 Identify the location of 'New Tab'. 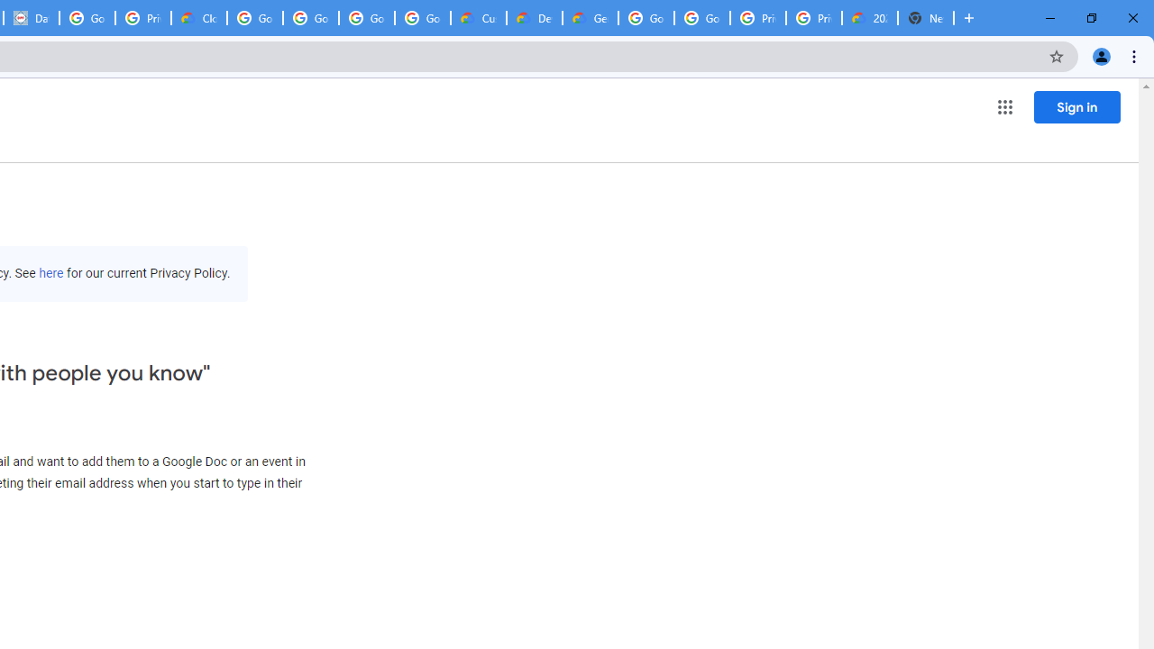
(926, 18).